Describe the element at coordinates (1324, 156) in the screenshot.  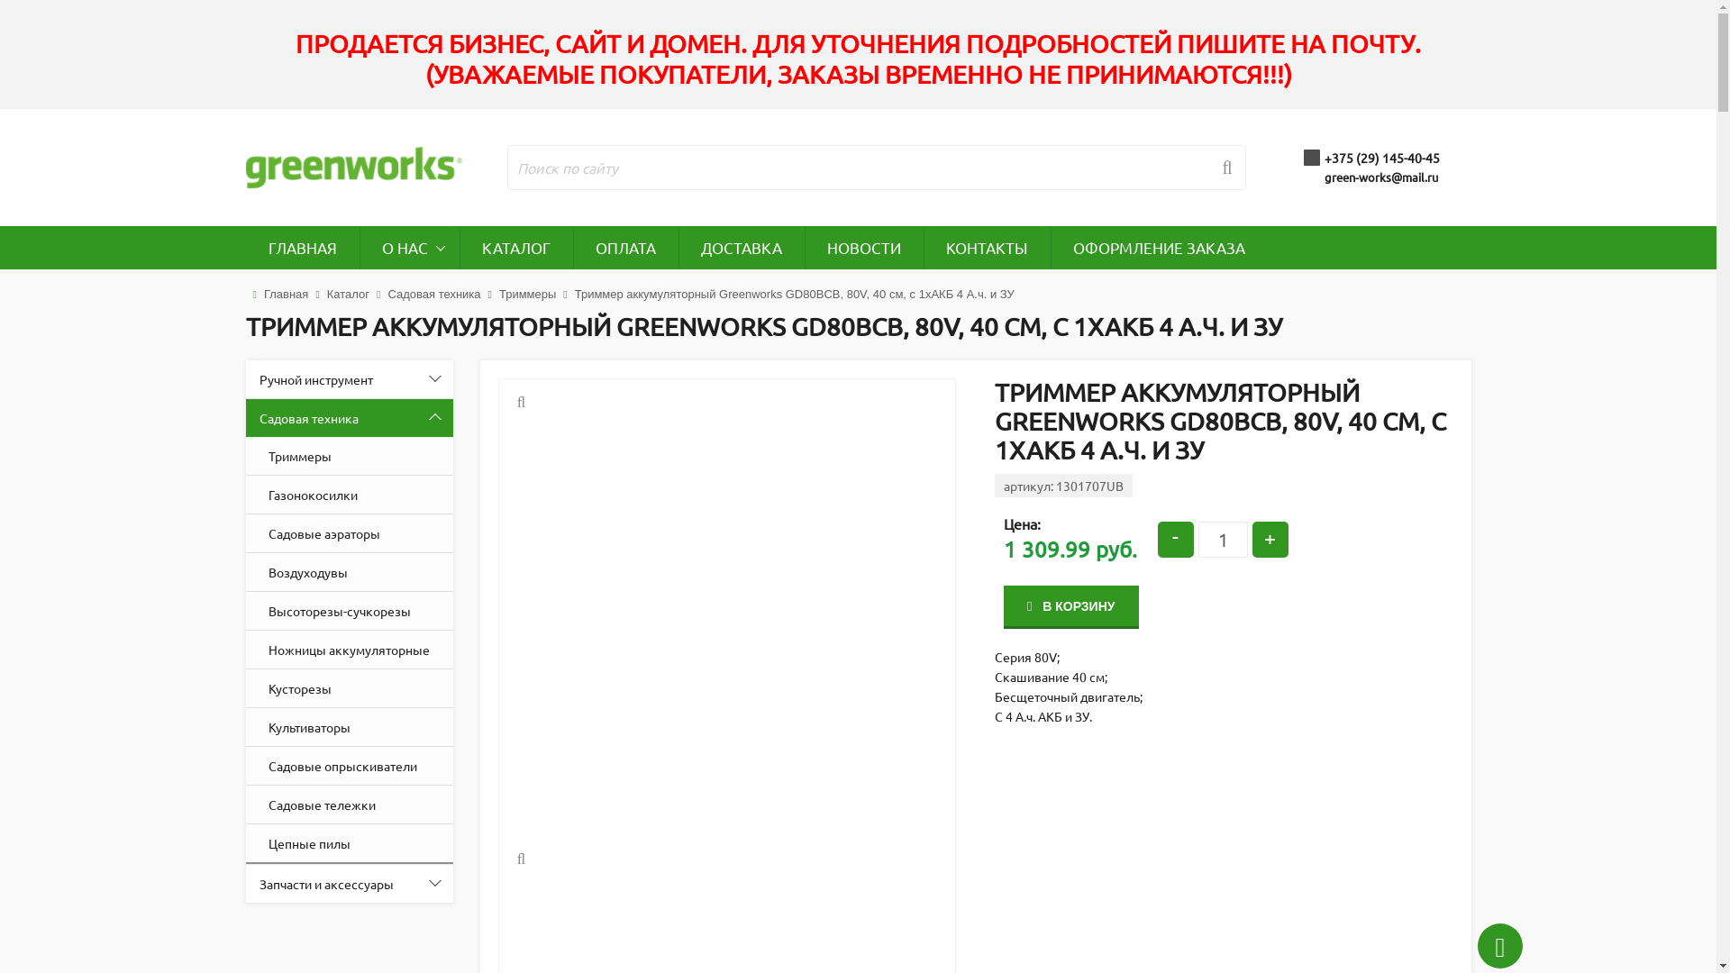
I see `'+375 (29) 145-40-45'` at that location.